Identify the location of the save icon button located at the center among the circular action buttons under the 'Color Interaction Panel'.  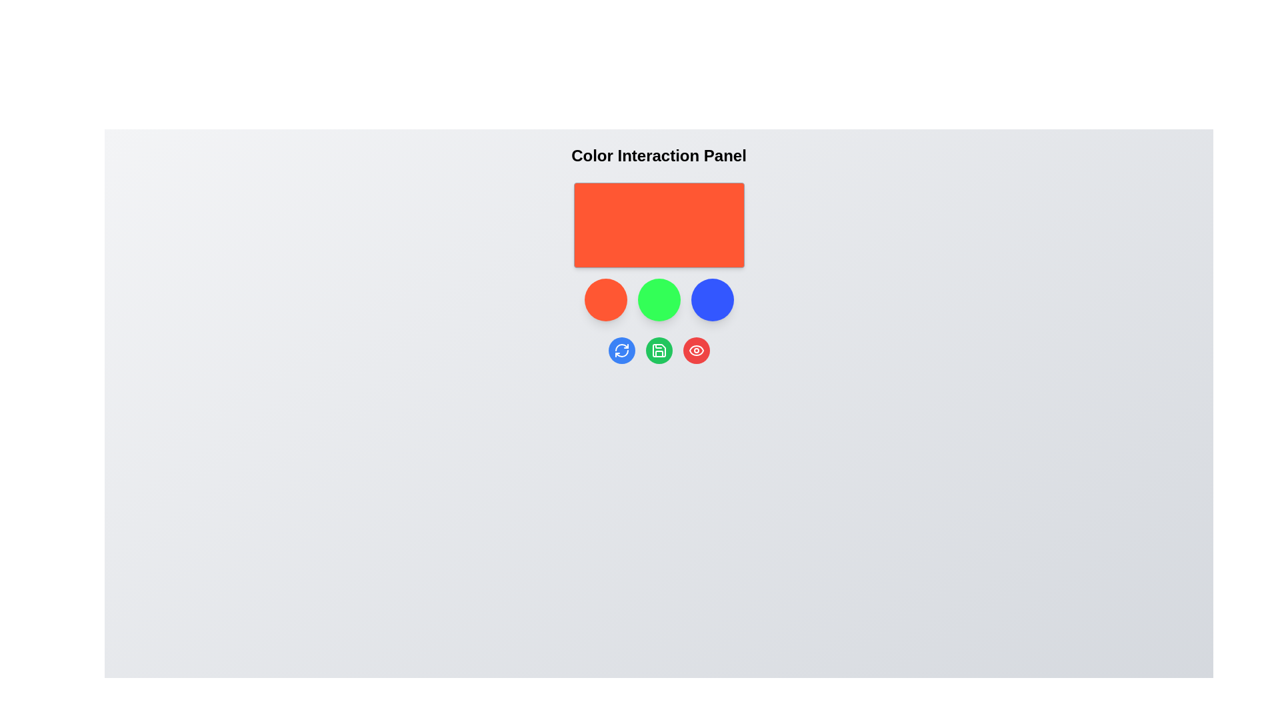
(659, 349).